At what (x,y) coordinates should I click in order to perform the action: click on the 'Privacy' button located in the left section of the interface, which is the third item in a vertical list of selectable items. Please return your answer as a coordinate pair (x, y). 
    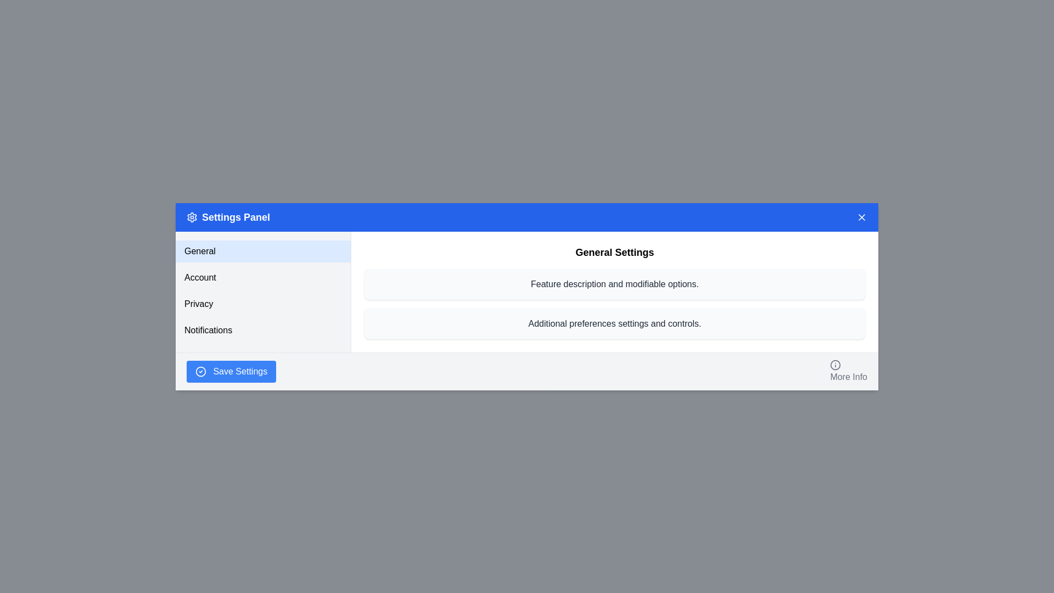
    Looking at the image, I should click on (262, 304).